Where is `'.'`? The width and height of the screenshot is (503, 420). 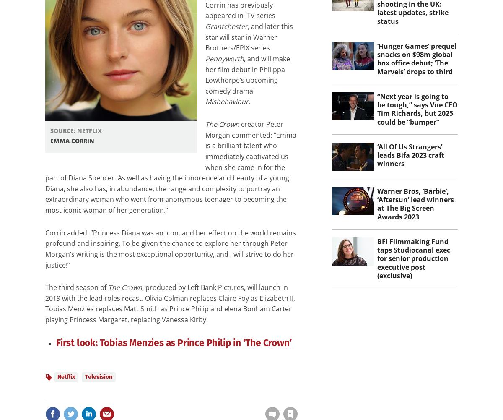 '.' is located at coordinates (249, 101).